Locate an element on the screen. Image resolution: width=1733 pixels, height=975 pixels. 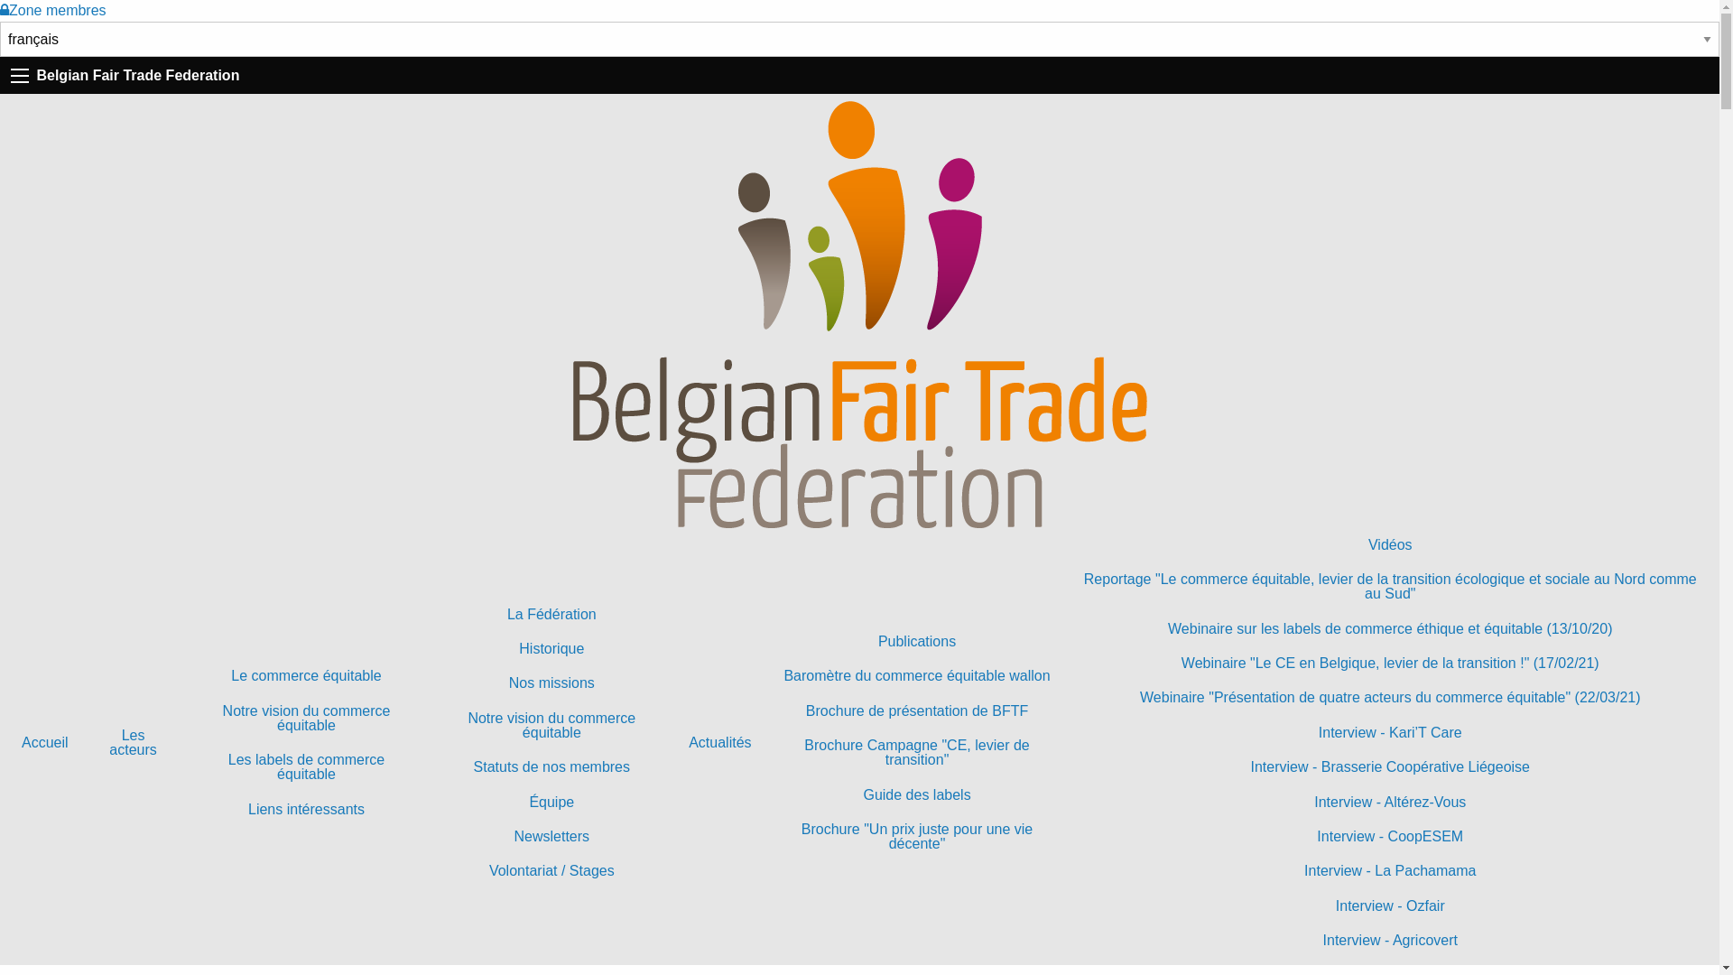
'Brochure Campagne "CE, levier de transition"' is located at coordinates (917, 752).